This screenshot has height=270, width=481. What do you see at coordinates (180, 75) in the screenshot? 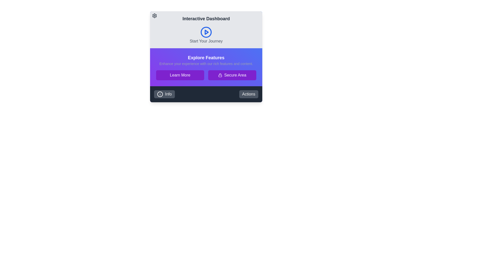
I see `the 'Learn More' button which is a purple rectangular button with rounded corners, located in the middle section of the card-like widget` at bounding box center [180, 75].